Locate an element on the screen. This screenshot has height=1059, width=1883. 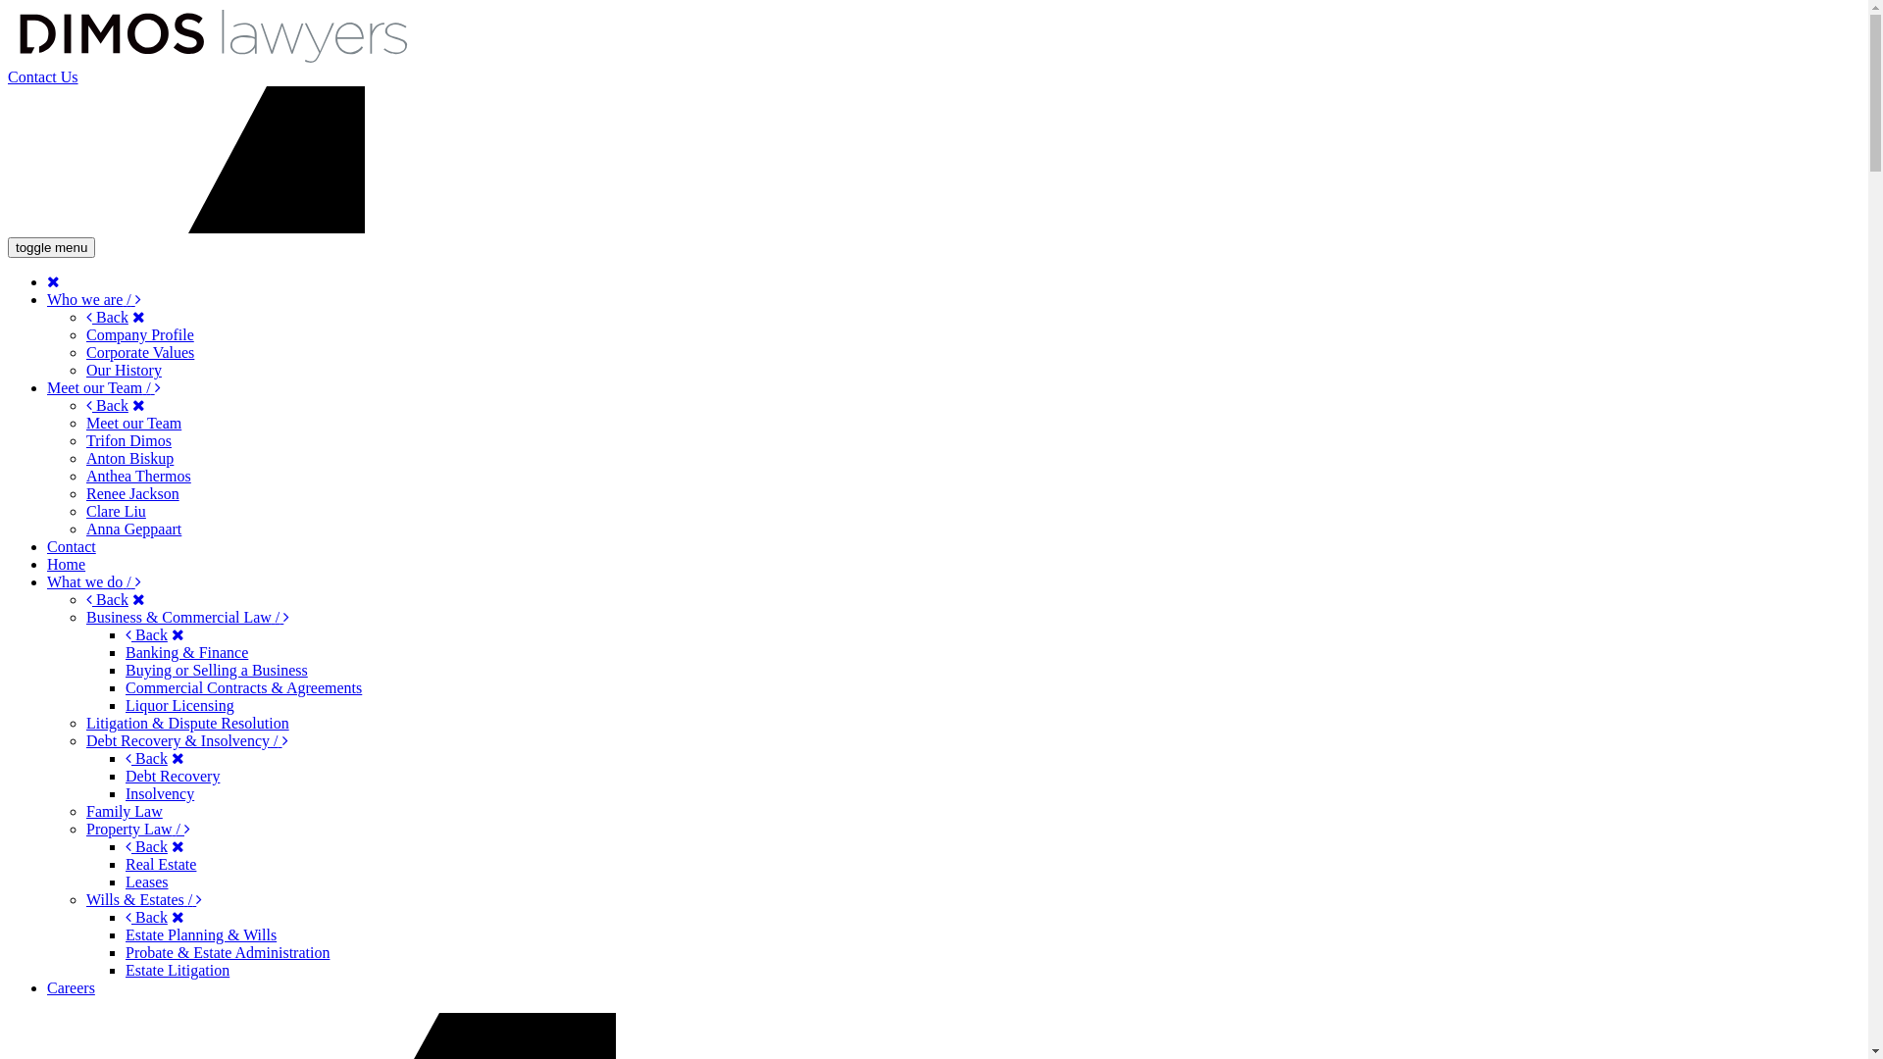
'Debt Recovery & Insolvency /' is located at coordinates (84, 740).